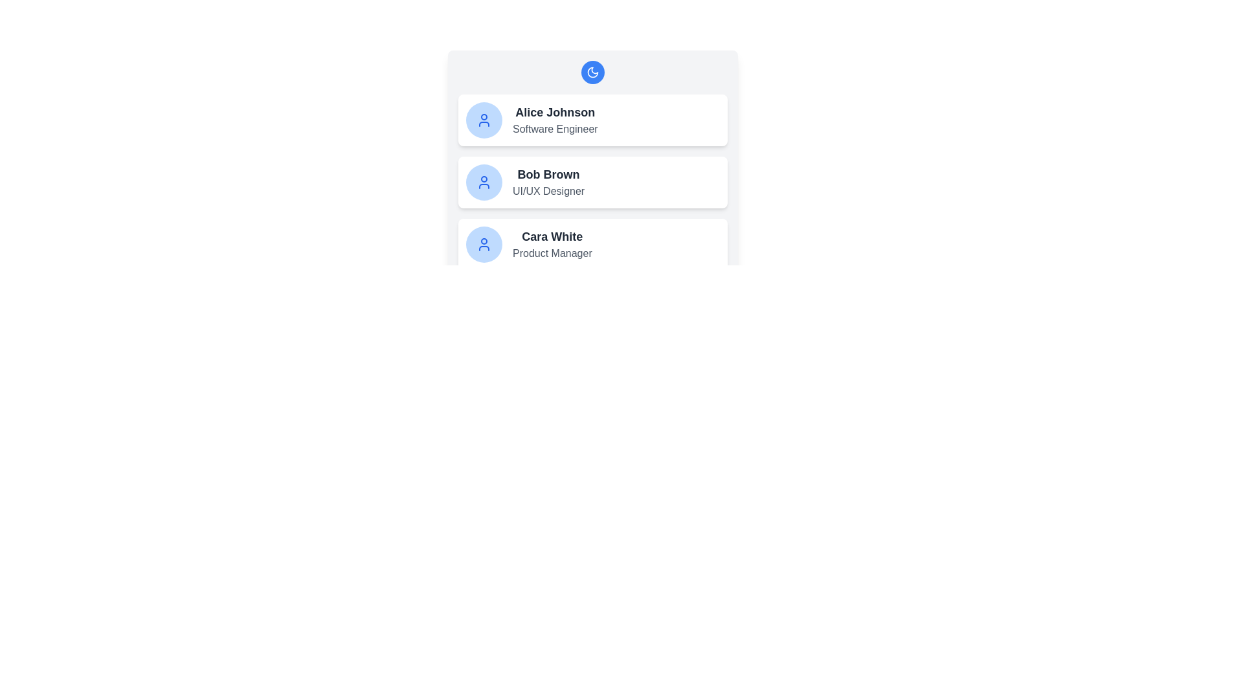 This screenshot has width=1243, height=699. What do you see at coordinates (592, 164) in the screenshot?
I see `the User Profile Card for 'Bob Brown', which is the second card in a vertical list` at bounding box center [592, 164].